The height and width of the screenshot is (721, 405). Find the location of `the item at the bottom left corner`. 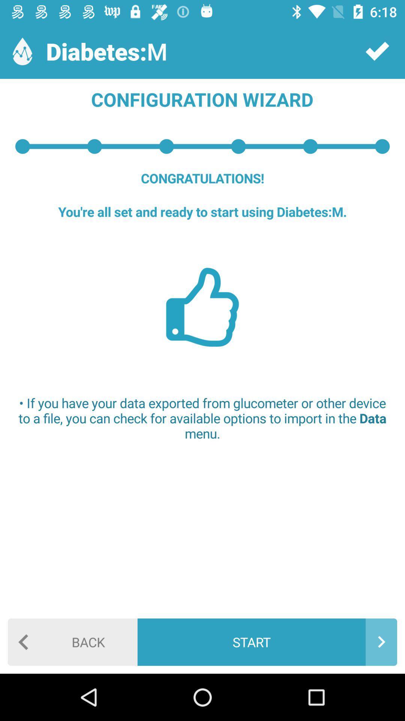

the item at the bottom left corner is located at coordinates (72, 641).